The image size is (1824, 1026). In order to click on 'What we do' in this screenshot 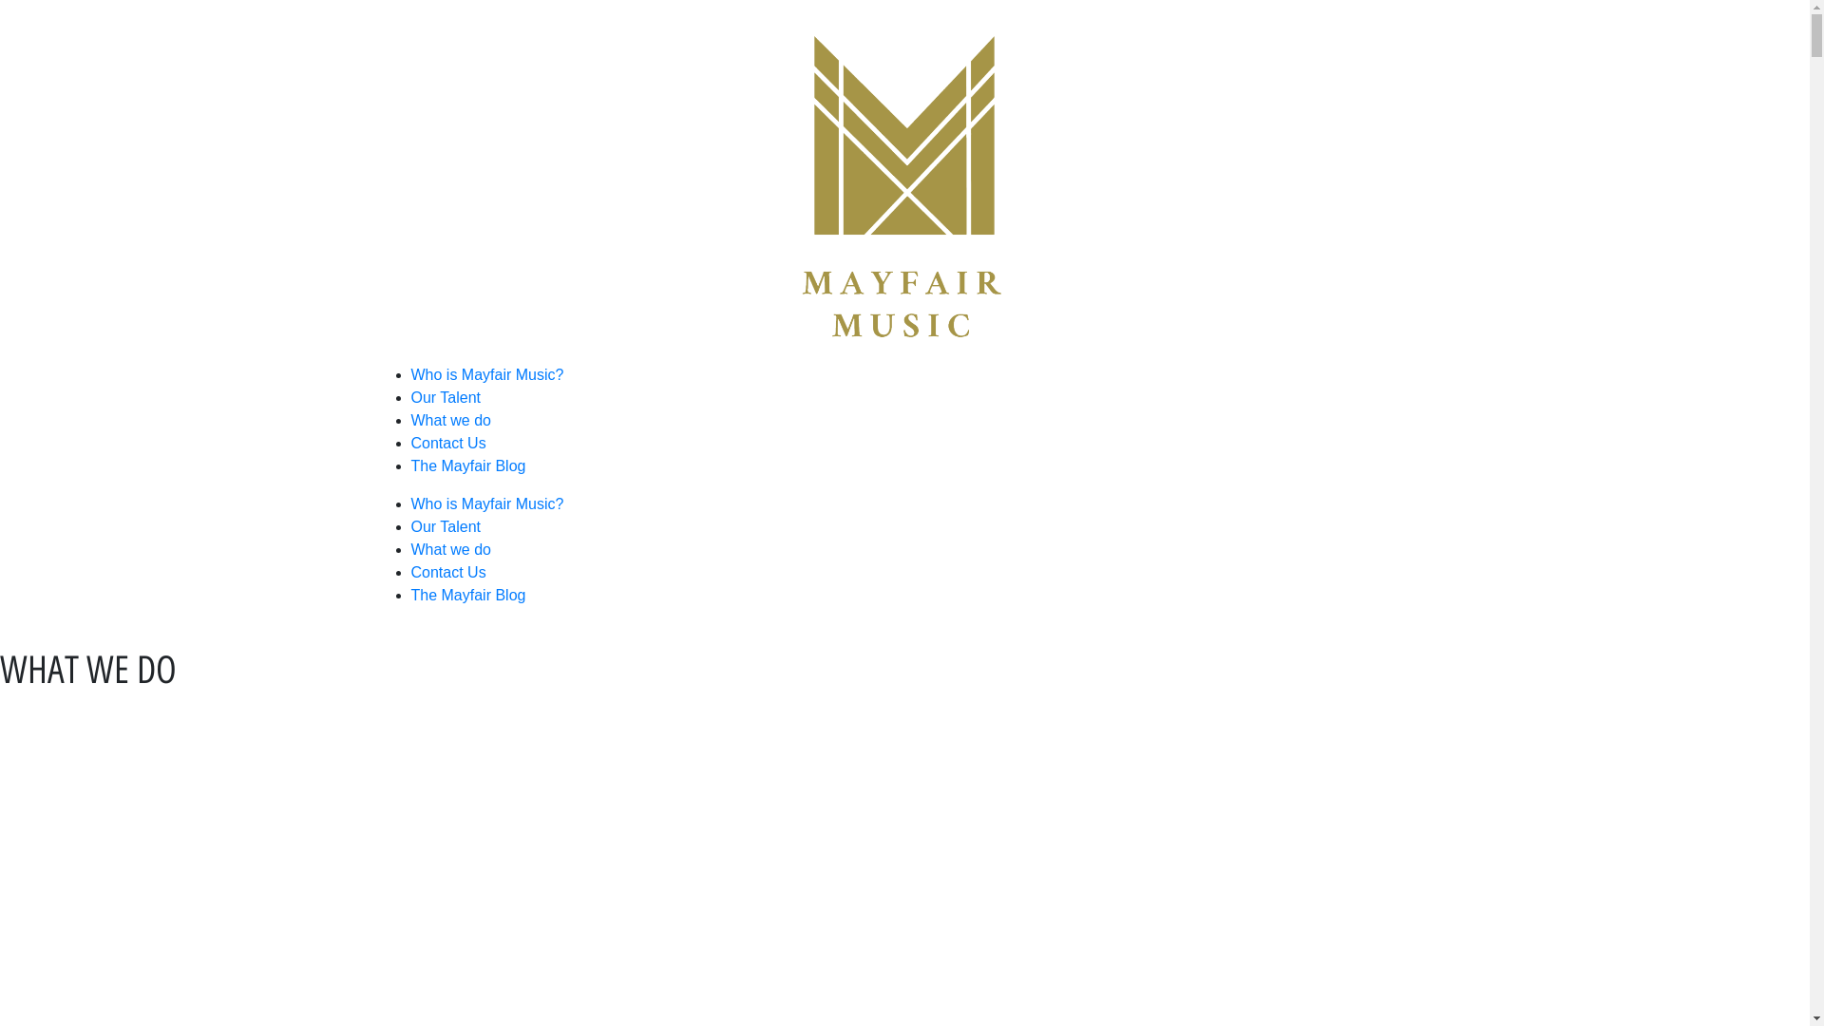, I will do `click(449, 549)`.